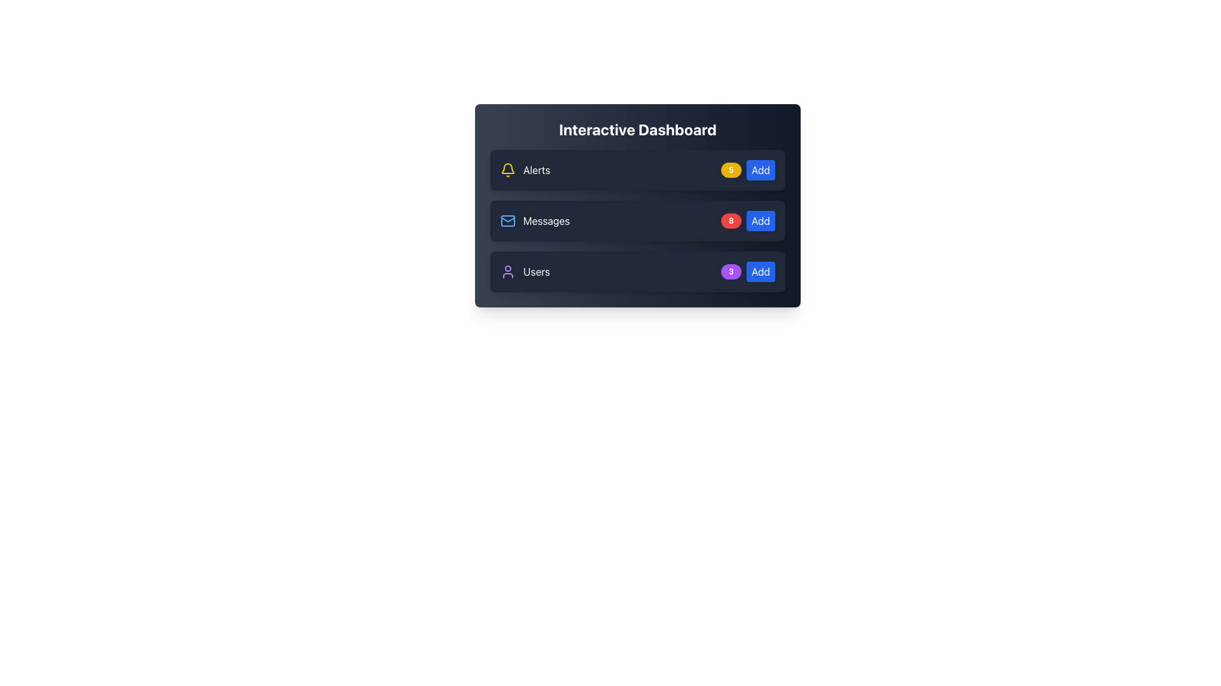  Describe the element at coordinates (731, 169) in the screenshot. I see `the small, yellow, pill-shaped Notification Badge with bold white text '5' located on the top-right side of the first item in the list under the 'Interactive Dashboard' heading, left of the blue 'Add' button` at that location.